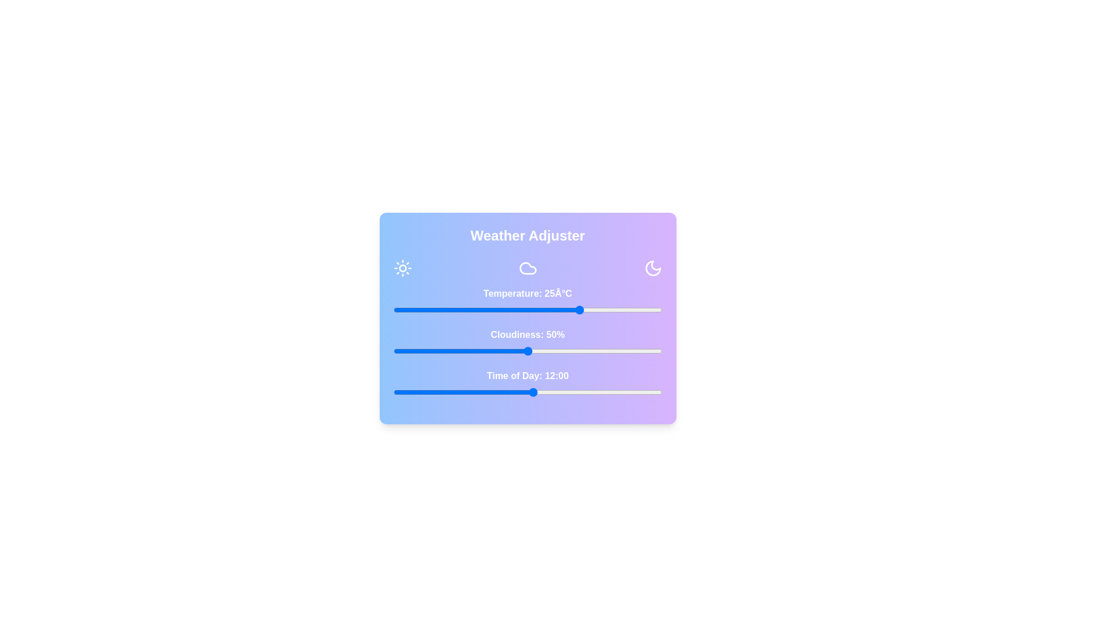 The width and height of the screenshot is (1113, 626). What do you see at coordinates (527, 392) in the screenshot?
I see `the Range slider used for selecting the 'Time of Day' parameter, located below the label 'Time of Day: 12:00'` at bounding box center [527, 392].